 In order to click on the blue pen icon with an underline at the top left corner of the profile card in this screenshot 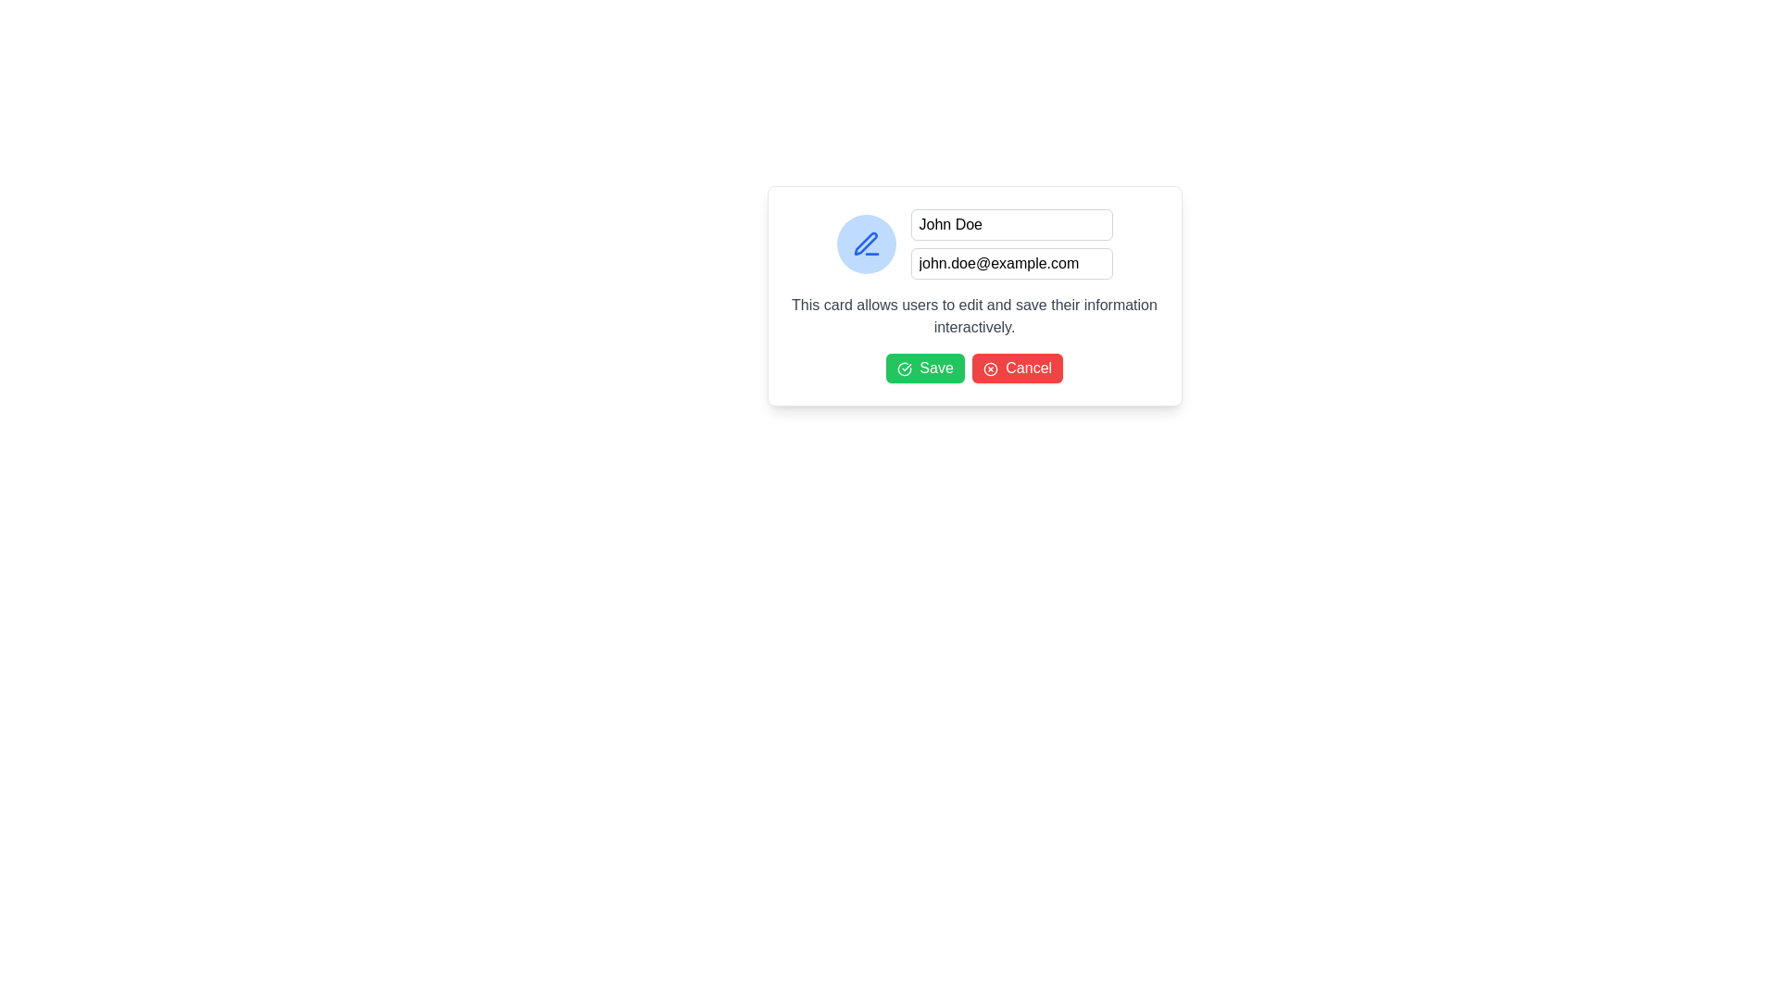, I will do `click(865, 243)`.